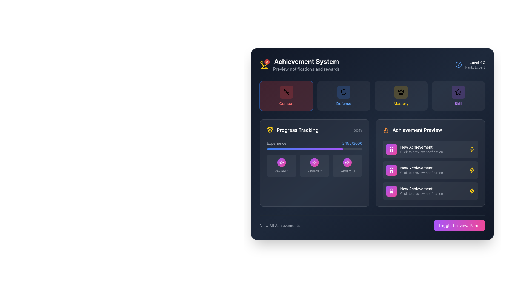  What do you see at coordinates (270, 130) in the screenshot?
I see `the medal icon located to the far left of the 'Progress Tracking' section, which features a circular design and ribbon-like shapes` at bounding box center [270, 130].